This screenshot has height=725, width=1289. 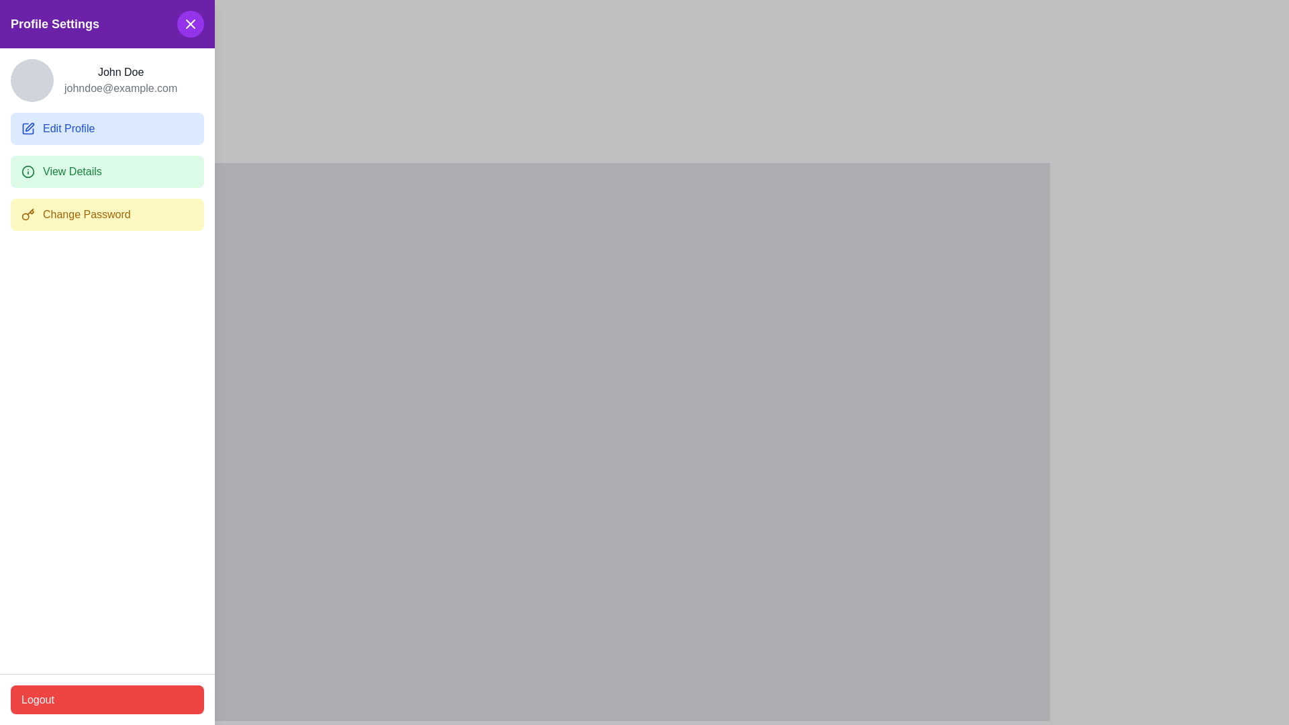 I want to click on the minimalist SVG circle graphic component located in the sidebar interface, so click(x=28, y=171).